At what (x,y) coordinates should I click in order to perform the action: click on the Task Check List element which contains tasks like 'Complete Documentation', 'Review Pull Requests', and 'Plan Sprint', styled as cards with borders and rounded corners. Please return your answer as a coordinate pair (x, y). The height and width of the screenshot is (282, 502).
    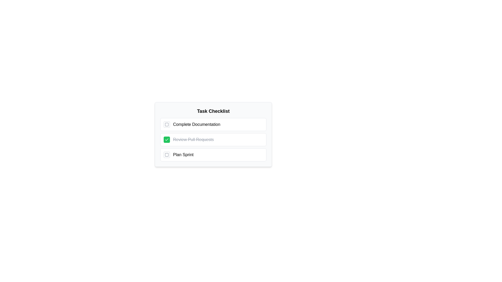
    Looking at the image, I should click on (213, 139).